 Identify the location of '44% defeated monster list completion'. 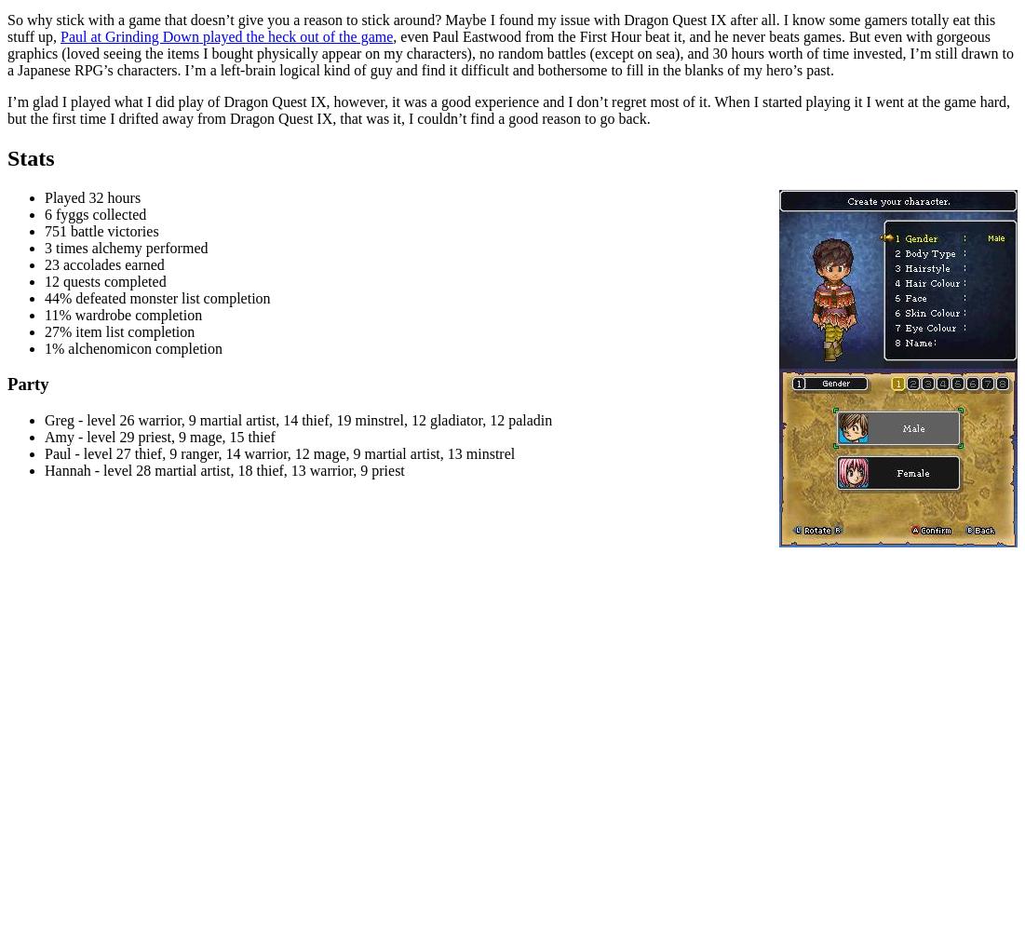
(156, 296).